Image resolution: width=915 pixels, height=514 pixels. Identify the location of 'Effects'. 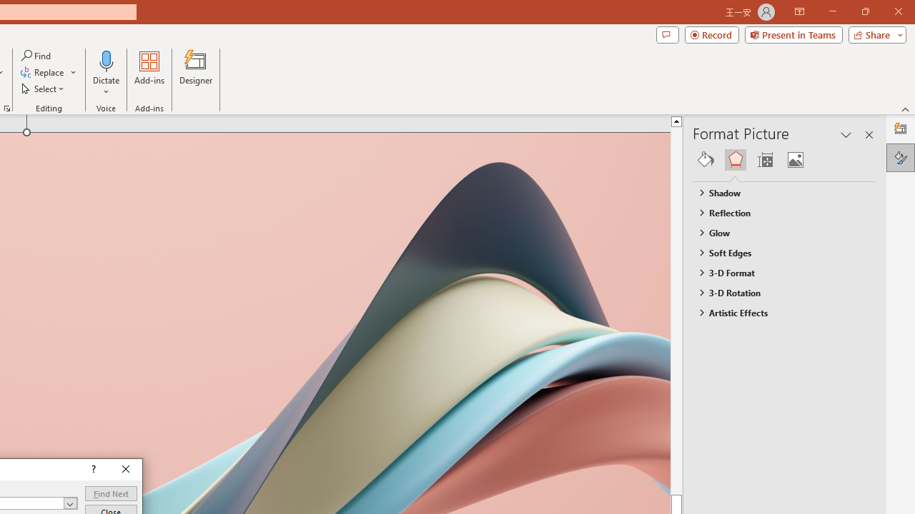
(735, 159).